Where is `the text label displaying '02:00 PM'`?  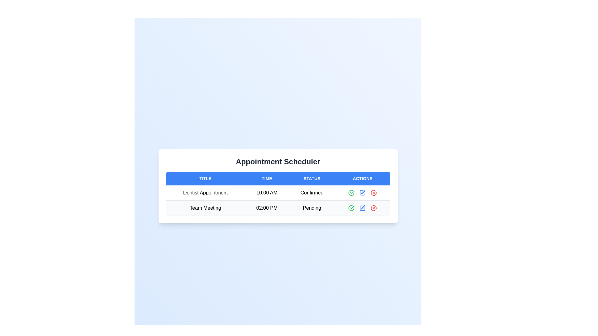 the text label displaying '02:00 PM' is located at coordinates (267, 208).